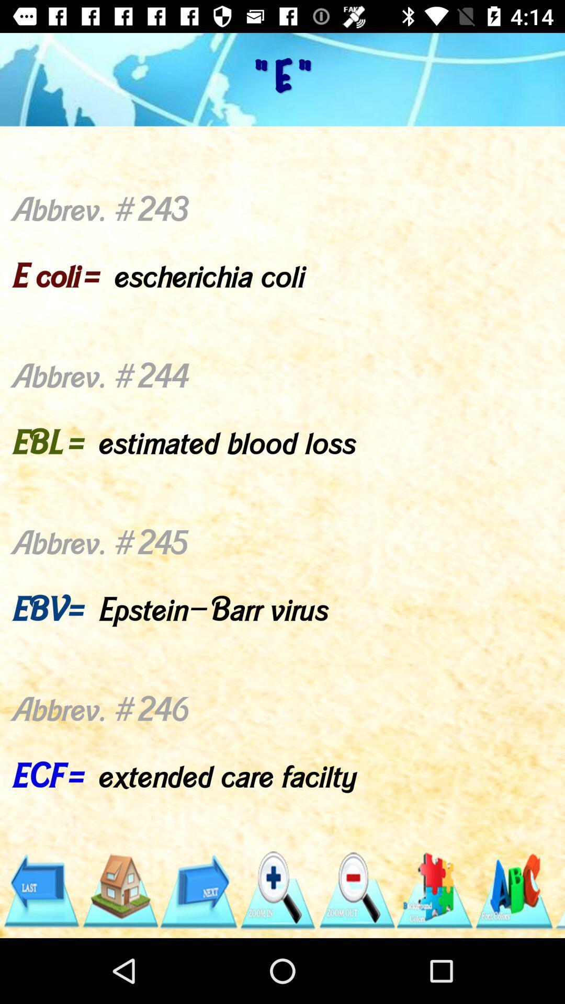 The width and height of the screenshot is (565, 1004). Describe the element at coordinates (198, 890) in the screenshot. I see `the arrow_forward icon` at that location.